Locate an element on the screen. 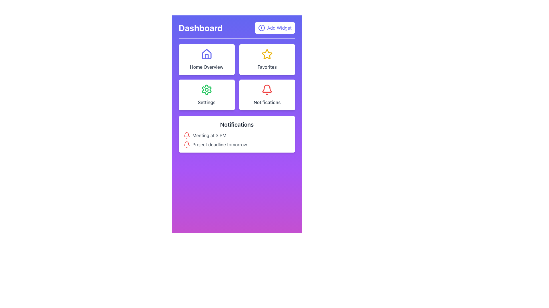 Image resolution: width=549 pixels, height=308 pixels. text content of the bold 'Dashboard' label displayed in white against a purple background, located at the top left of the header area is located at coordinates (200, 28).